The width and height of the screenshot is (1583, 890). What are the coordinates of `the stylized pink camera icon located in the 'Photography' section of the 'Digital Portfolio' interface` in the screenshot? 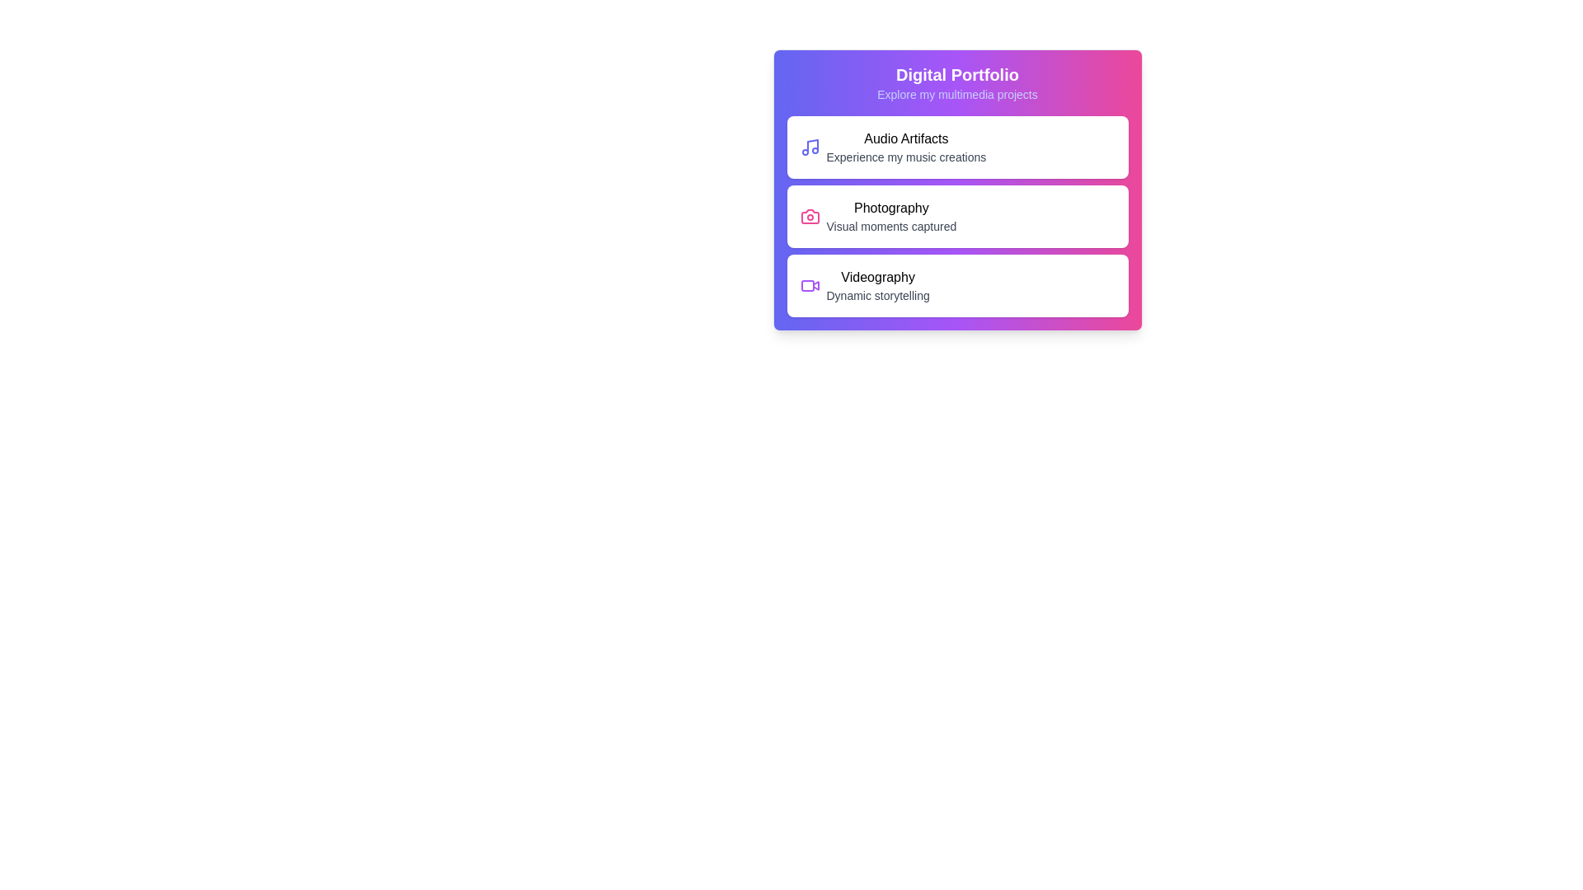 It's located at (810, 215).